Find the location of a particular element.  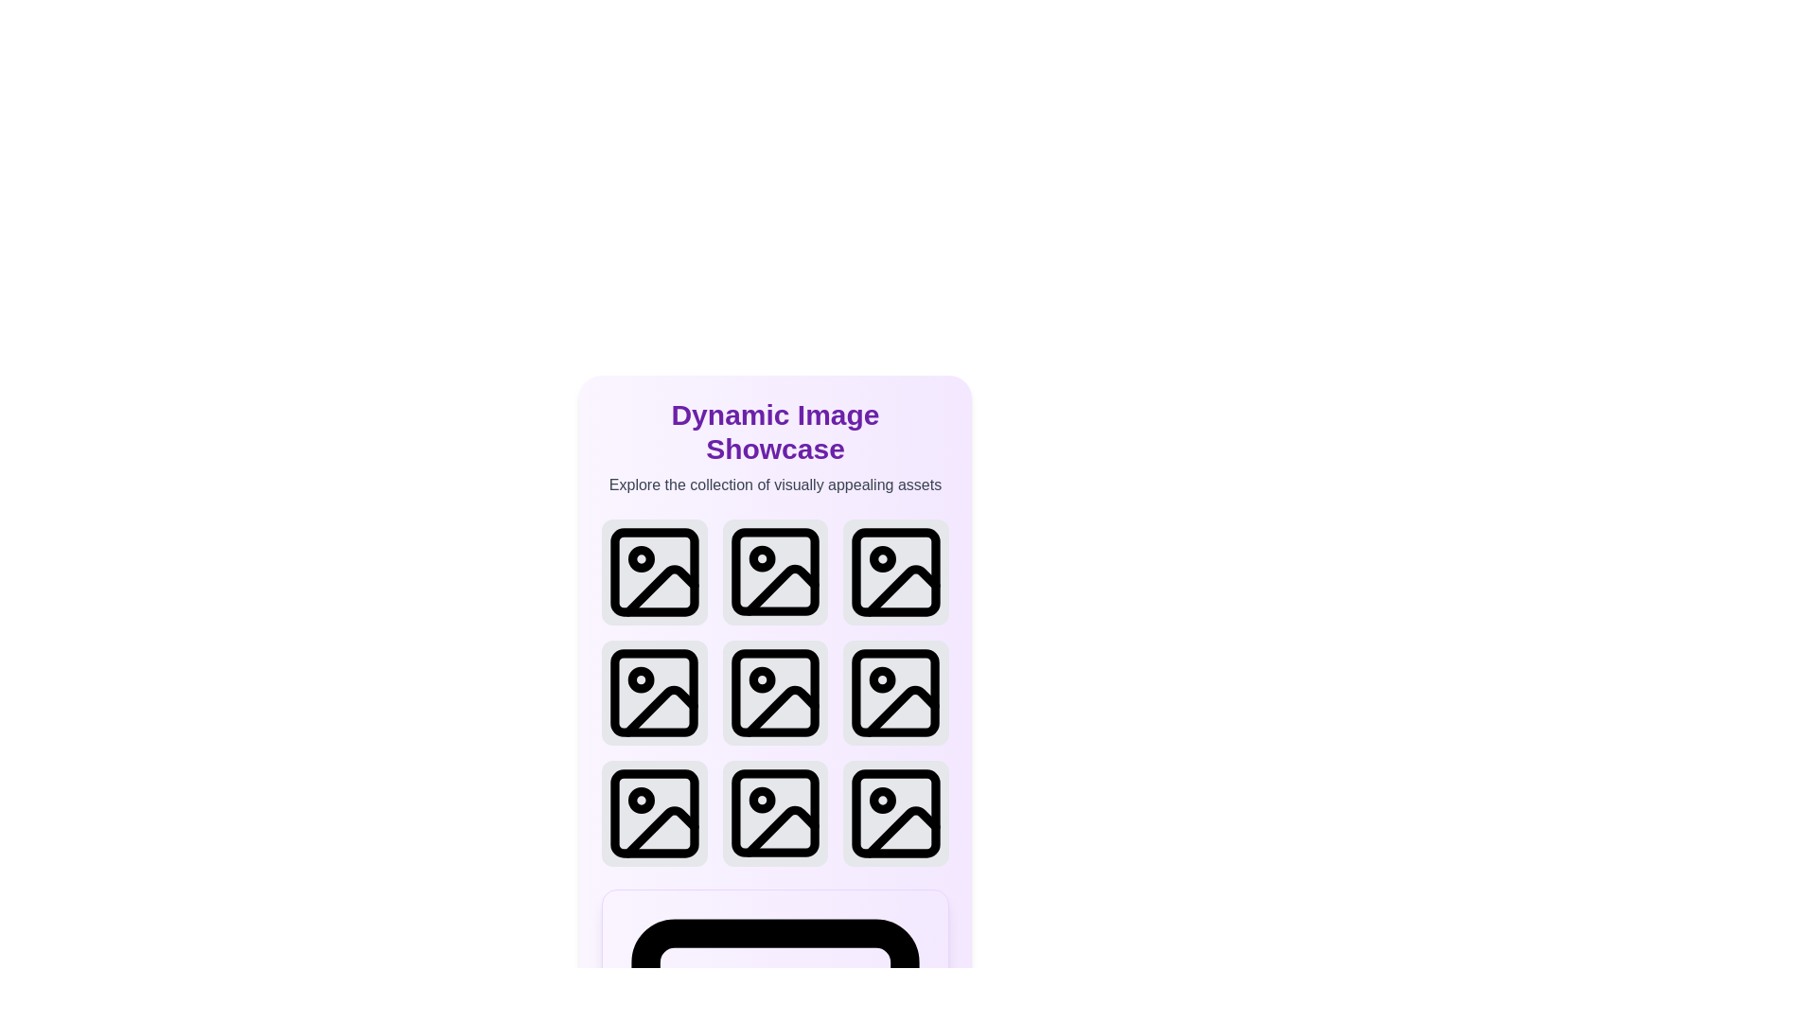

the visual arrangement of the decorative graphical element located in the third icon from the left in the top row of the grid layout, which is part of a collection of image-like layouts is located at coordinates (895, 571).